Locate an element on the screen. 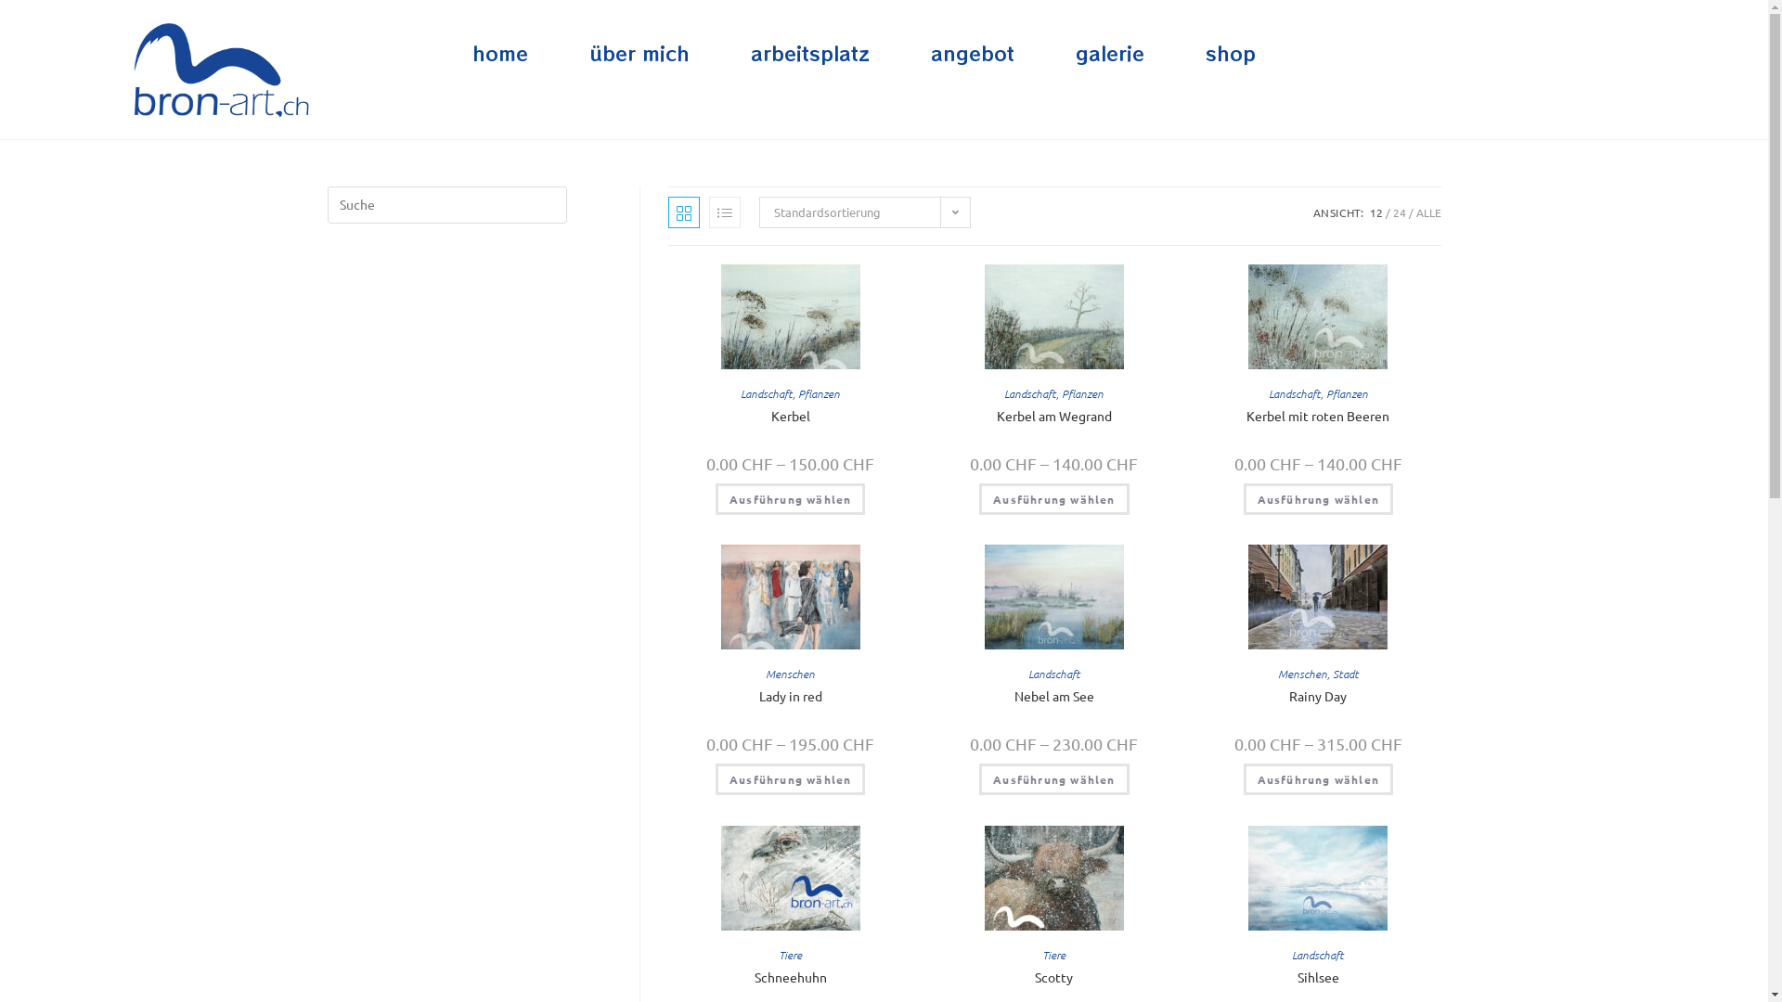  'shop' is located at coordinates (1230, 52).